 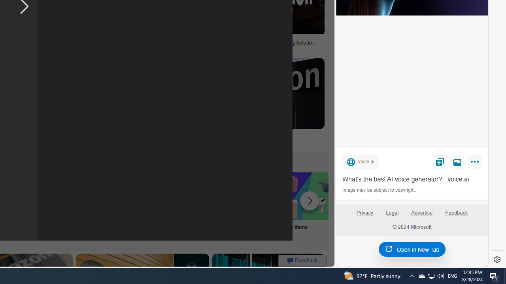 What do you see at coordinates (439, 161) in the screenshot?
I see `'Save'` at bounding box center [439, 161].